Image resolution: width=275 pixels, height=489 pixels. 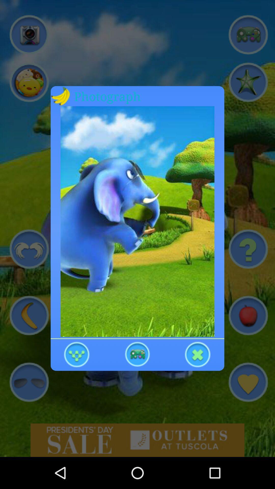 I want to click on the item at the bottom left corner, so click(x=77, y=354).